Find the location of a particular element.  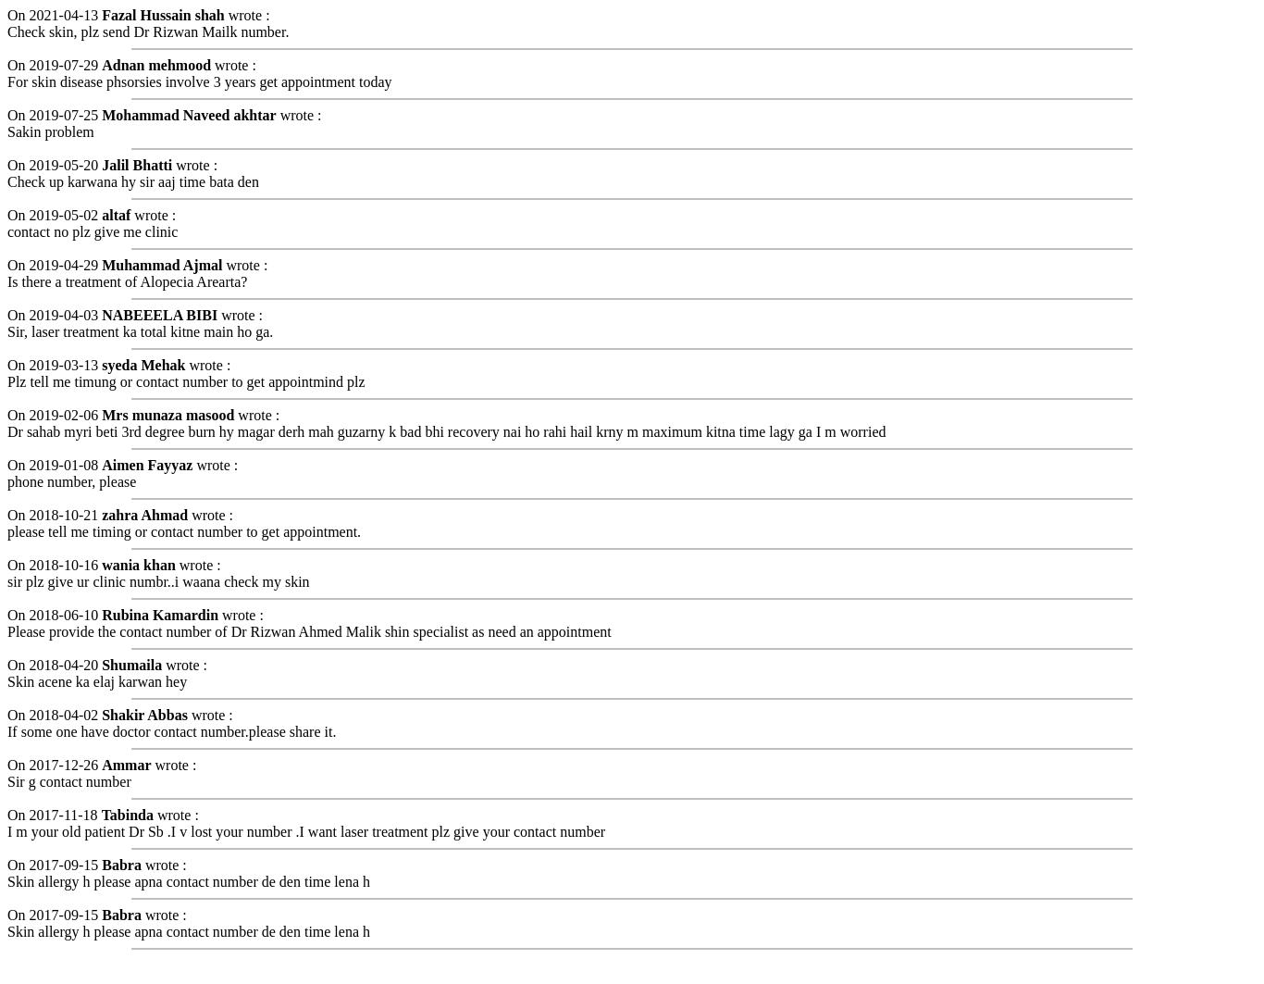

'Please provide the contact number of Dr Rizwan Ahmed Malik shin specialist as need an appointment' is located at coordinates (308, 629).